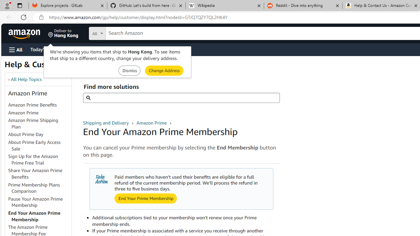 The height and width of the screenshot is (236, 420). What do you see at coordinates (118, 49) in the screenshot?
I see `'Registry'` at bounding box center [118, 49].